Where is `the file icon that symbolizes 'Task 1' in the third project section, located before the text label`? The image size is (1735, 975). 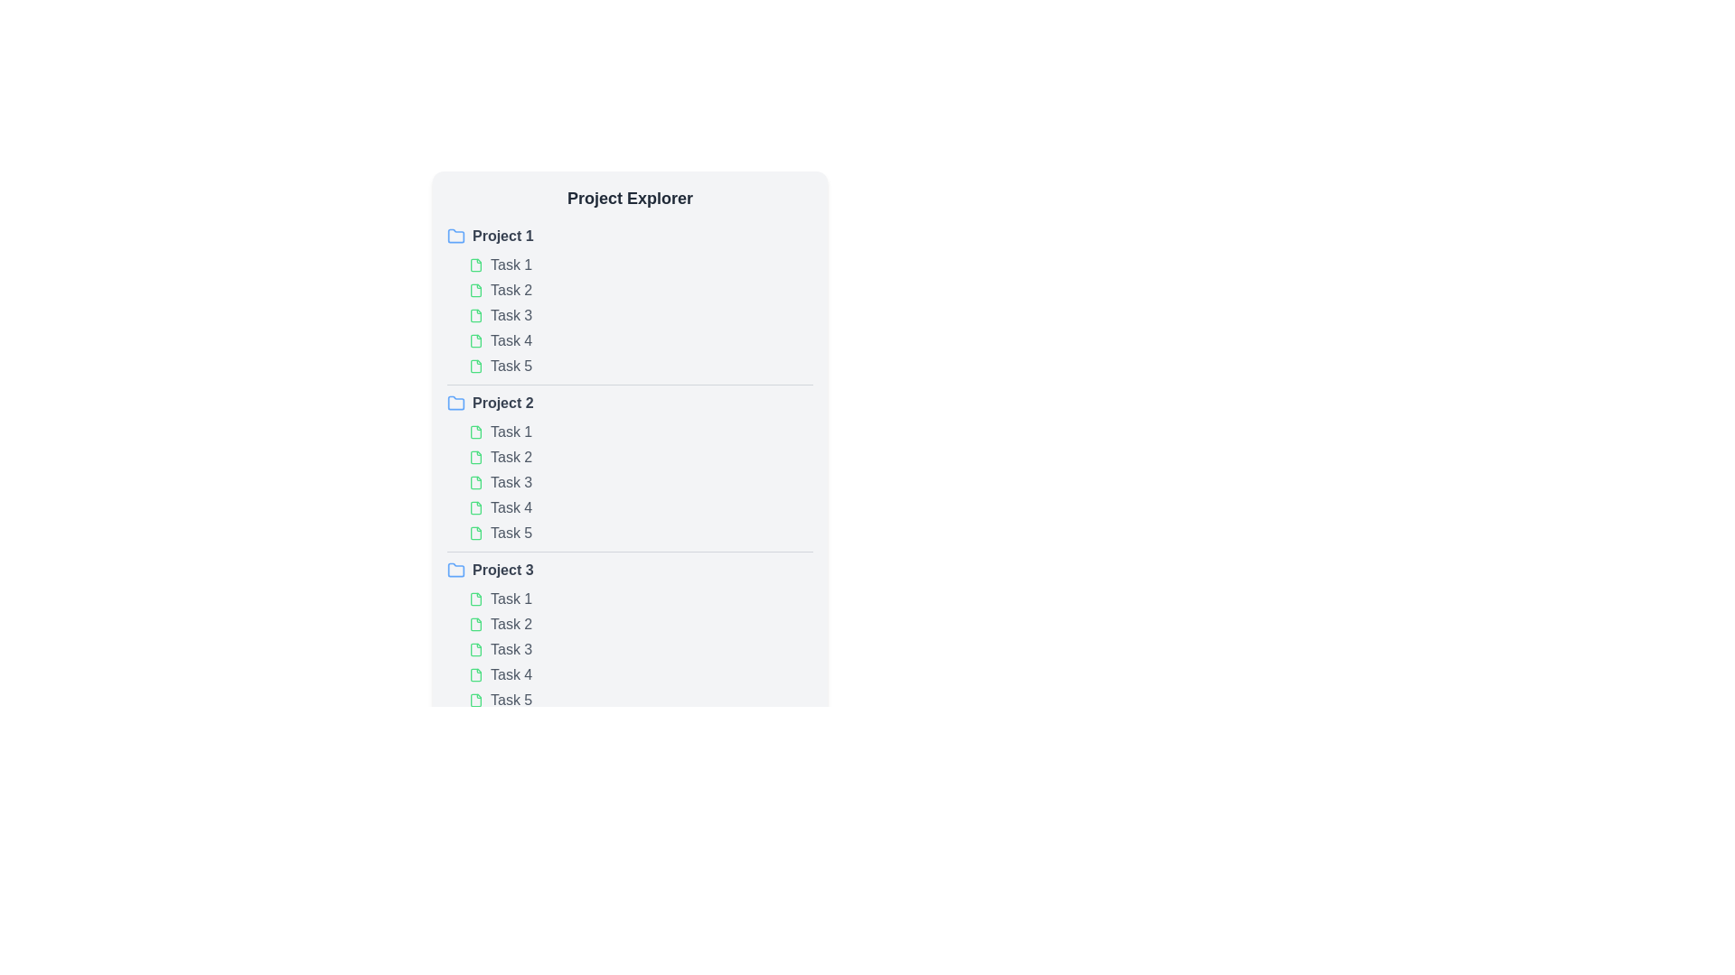
the file icon that symbolizes 'Task 1' in the third project section, located before the text label is located at coordinates (476, 599).